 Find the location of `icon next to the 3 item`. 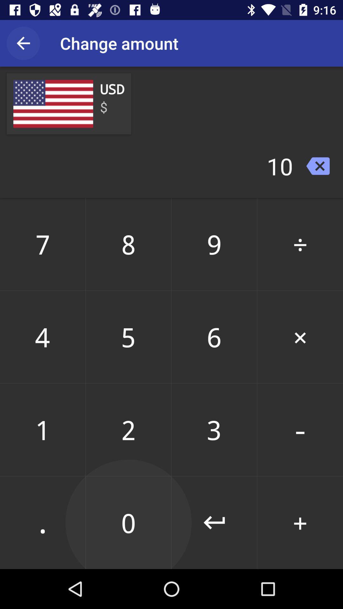

icon next to the 3 item is located at coordinates (300, 522).